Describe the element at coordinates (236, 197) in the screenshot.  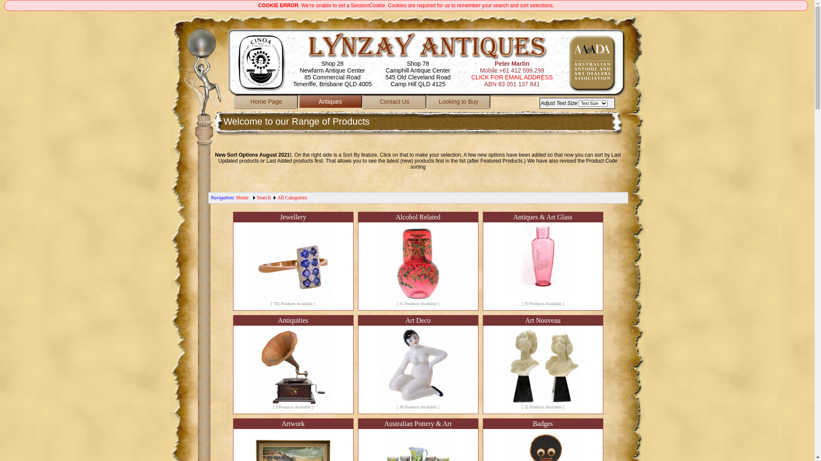
I see `'Home'` at that location.